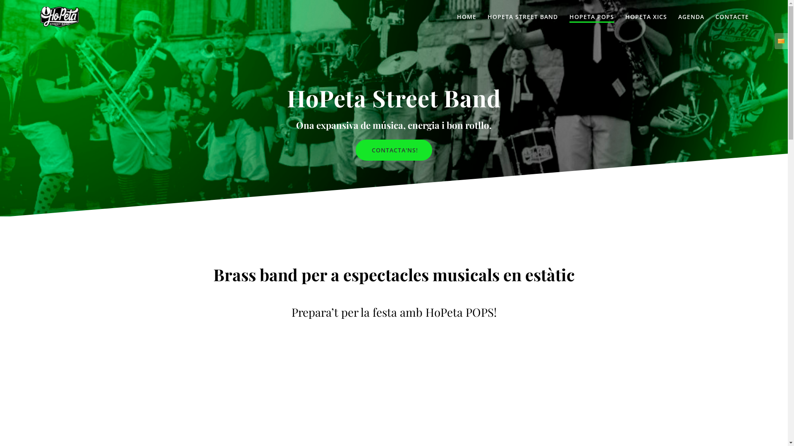 The height and width of the screenshot is (446, 794). What do you see at coordinates (355, 149) in the screenshot?
I see `'CONTACTA'NS!'` at bounding box center [355, 149].